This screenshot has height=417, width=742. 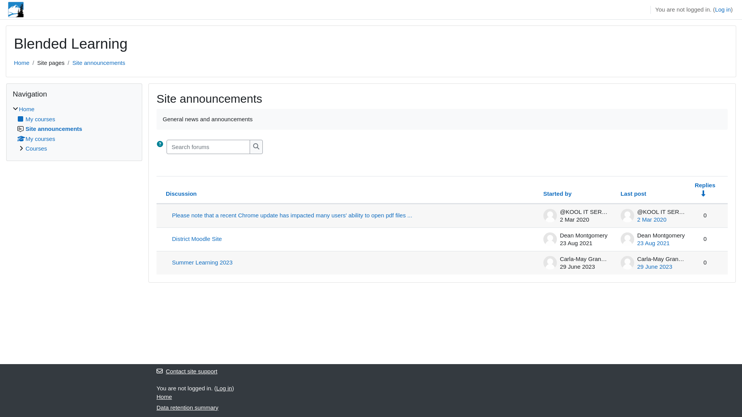 I want to click on 'Help with Search', so click(x=159, y=144).